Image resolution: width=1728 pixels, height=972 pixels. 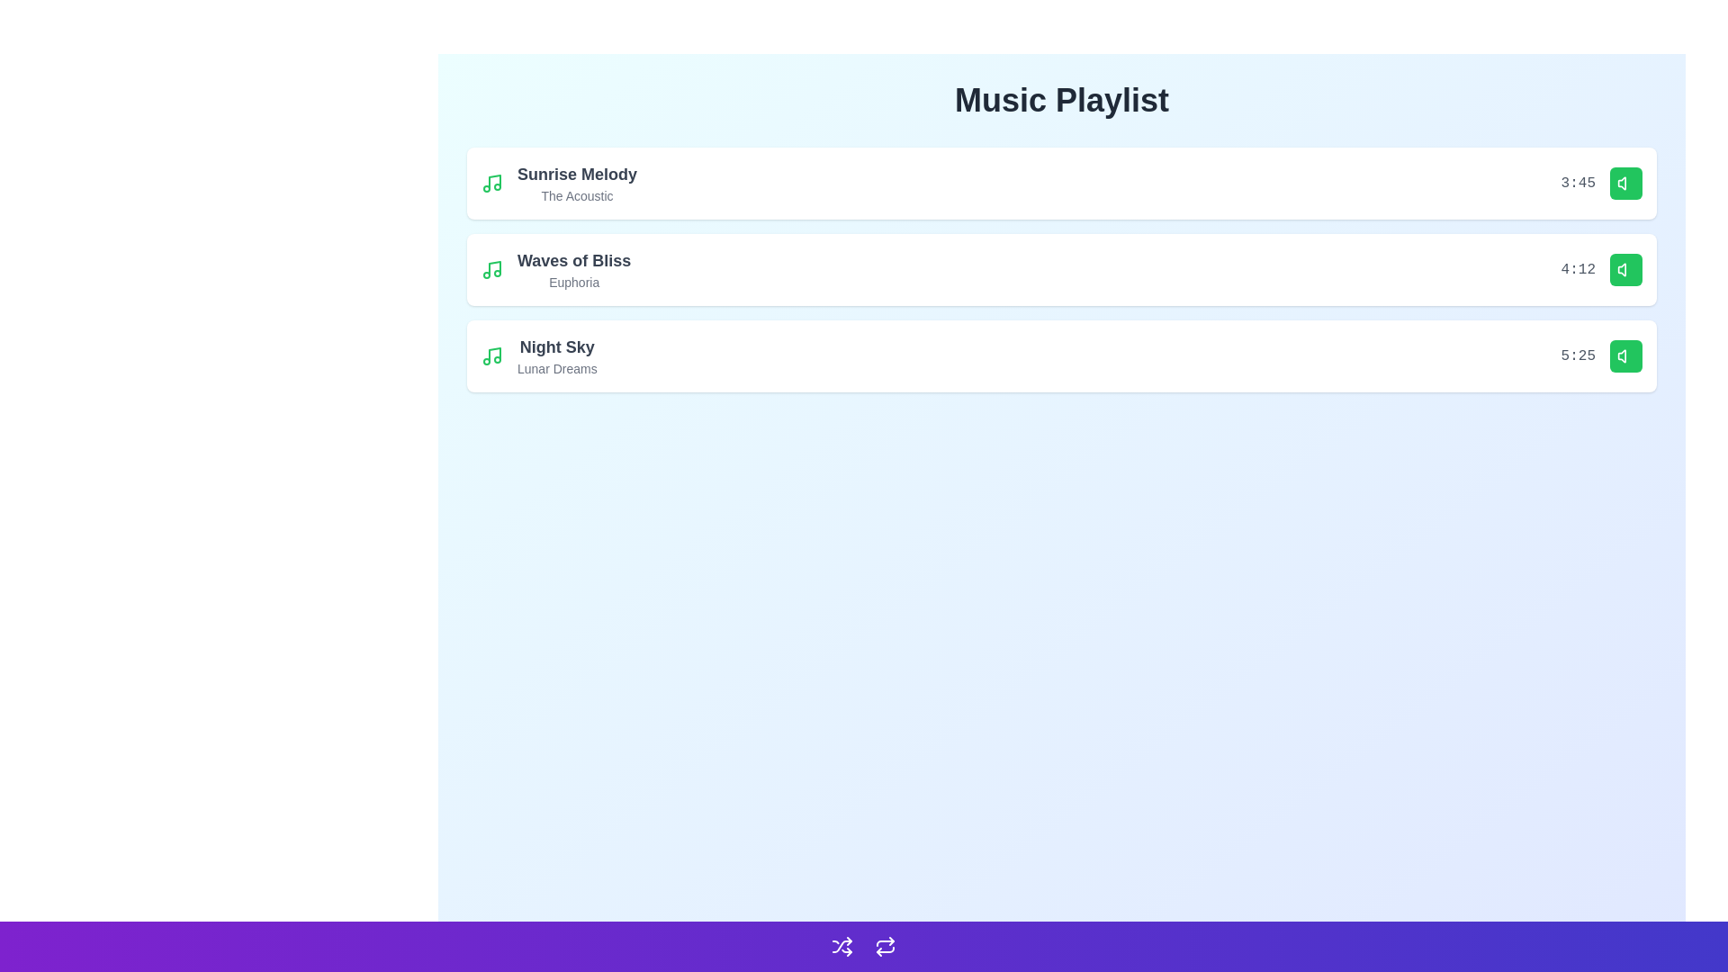 I want to click on the green rectangular button with rounded corners and a speaker icon, located to the right of the '4:12' text in the second row of items, so click(x=1625, y=270).